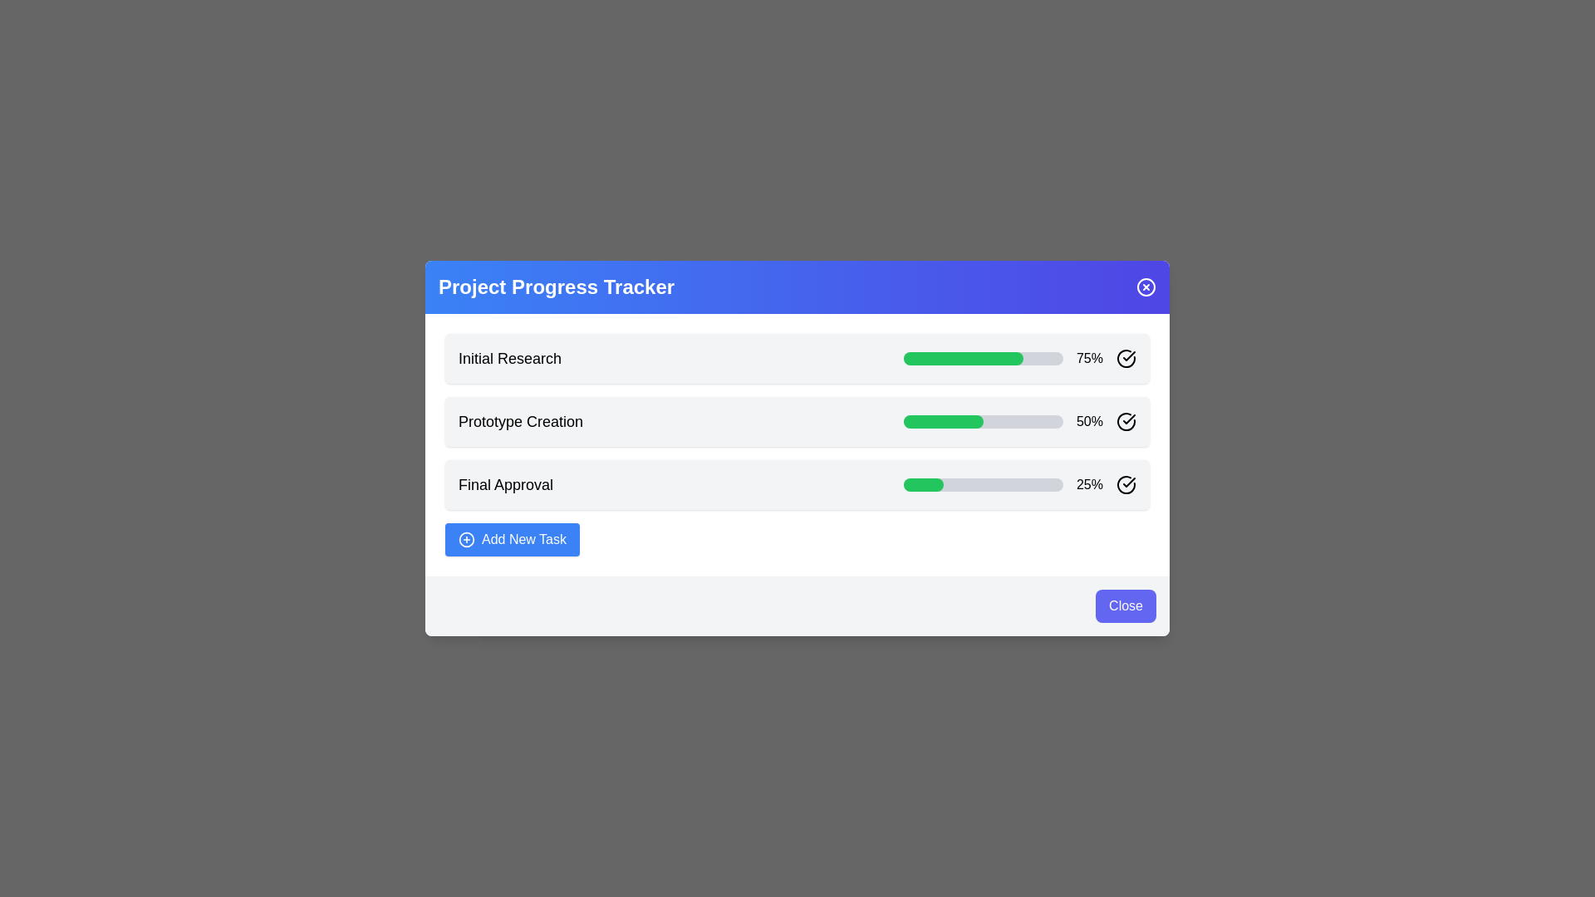  What do you see at coordinates (797, 448) in the screenshot?
I see `the second progress bar that displays the completion percentage of the 'Prototype Creation' task, located centrally within the modal, between 'Initial Research' and 'Final Approval'` at bounding box center [797, 448].